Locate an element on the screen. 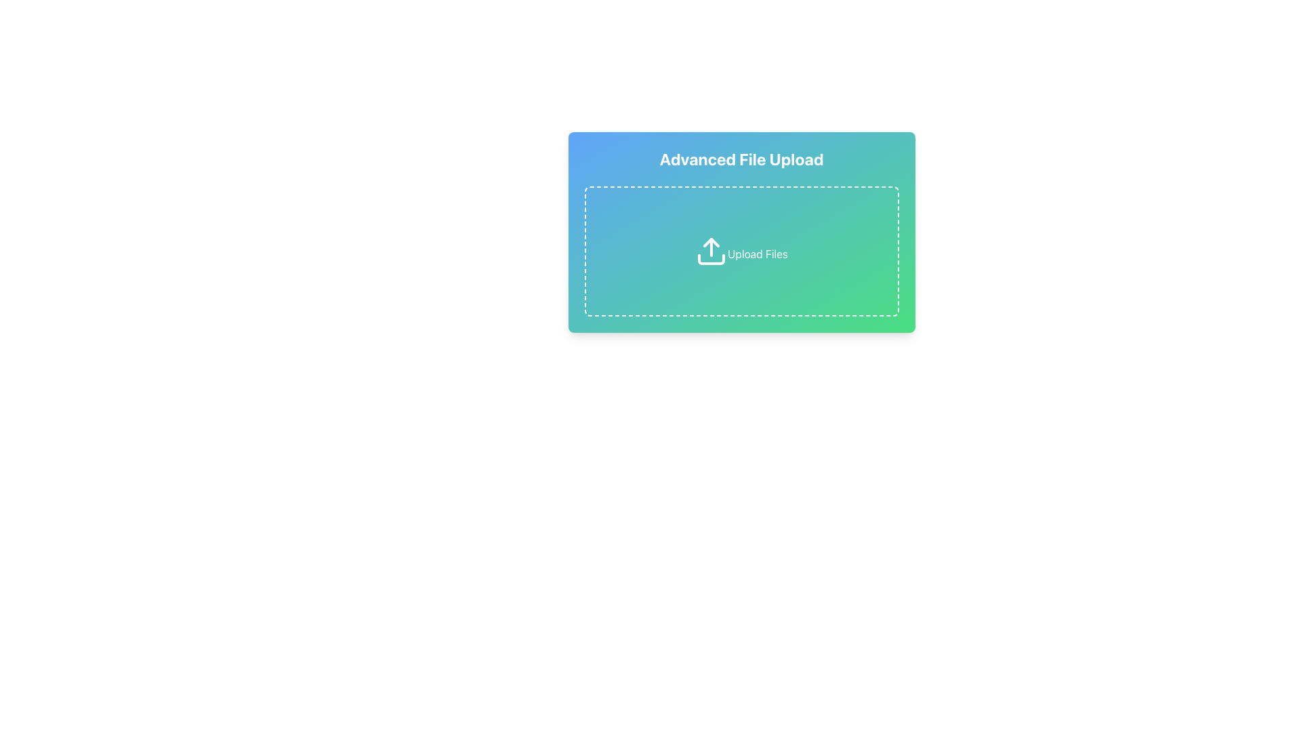  and drop files into the File upload area, which is a rectangular area with rounded corners, a dashed border, and an upward arrow icon, located under the title 'Advanced File Upload' is located at coordinates (741, 251).